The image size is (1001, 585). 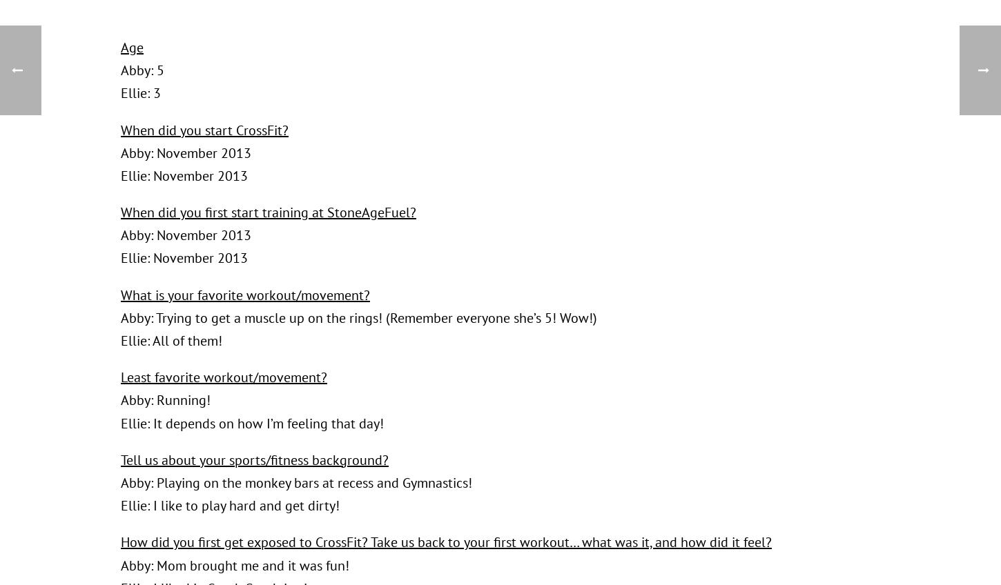 I want to click on 'Ellie: It depends on how I’m feeling that day!', so click(x=120, y=423).